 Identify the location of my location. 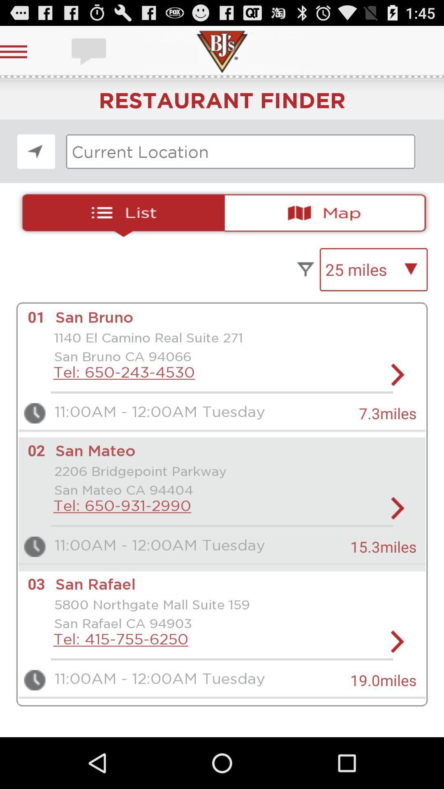
(36, 152).